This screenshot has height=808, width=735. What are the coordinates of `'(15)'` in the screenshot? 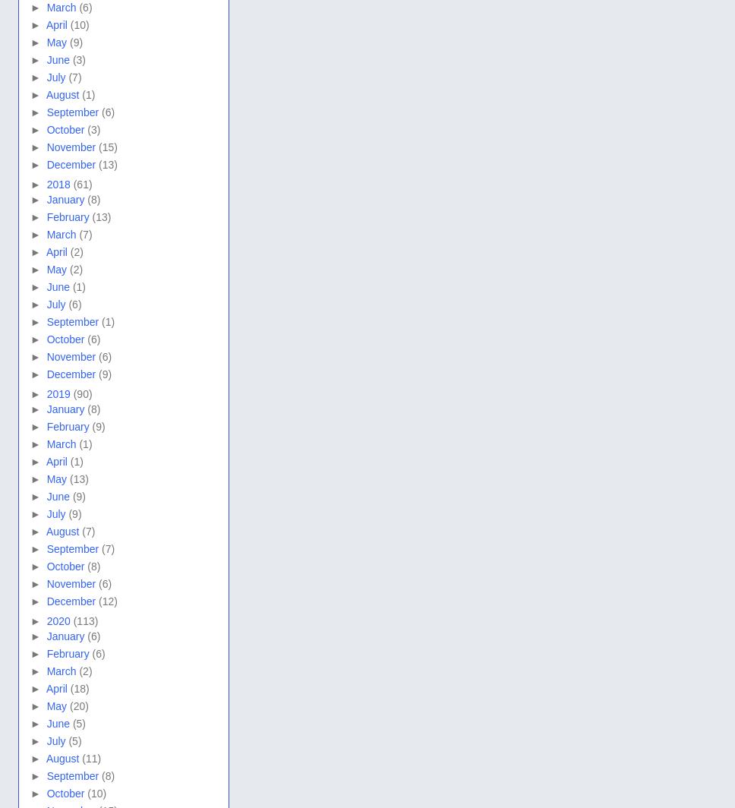 It's located at (107, 147).